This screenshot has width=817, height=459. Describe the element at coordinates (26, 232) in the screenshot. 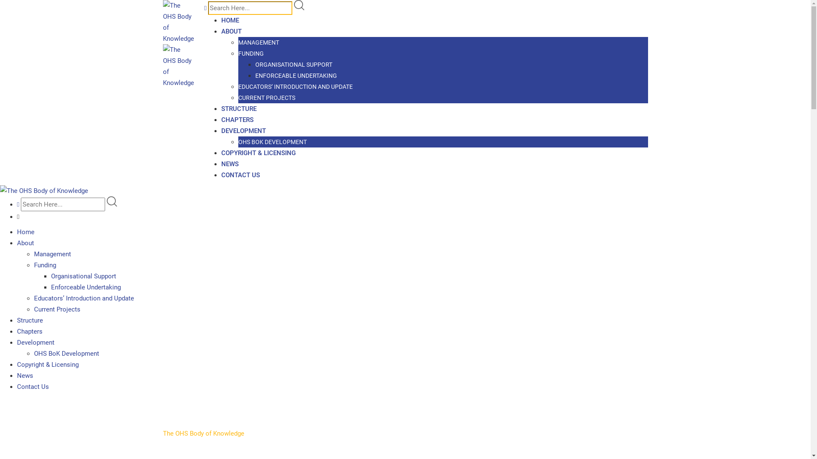

I see `'Home'` at that location.